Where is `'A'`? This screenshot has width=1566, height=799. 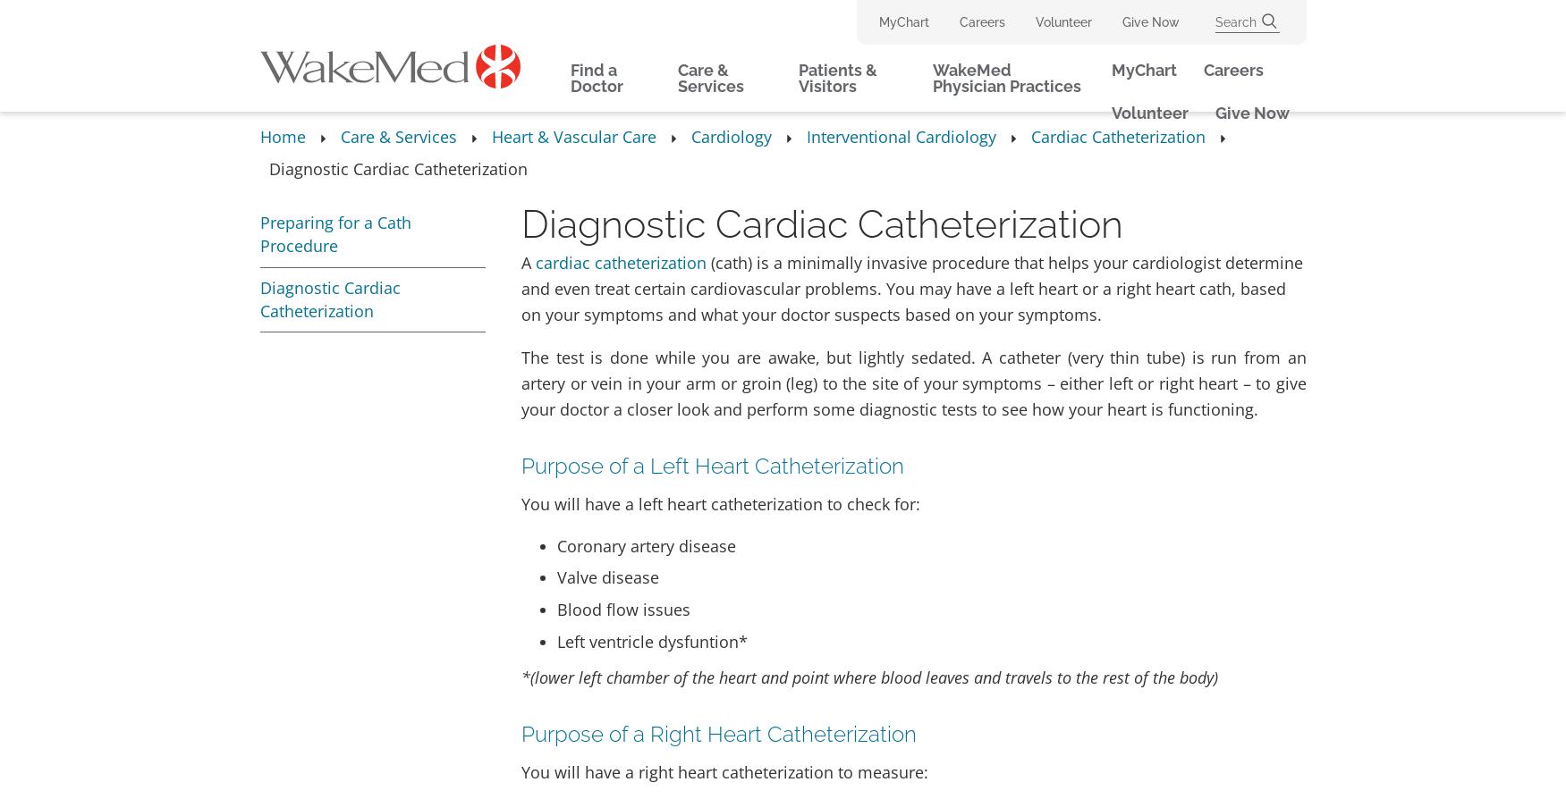 'A' is located at coordinates (528, 260).